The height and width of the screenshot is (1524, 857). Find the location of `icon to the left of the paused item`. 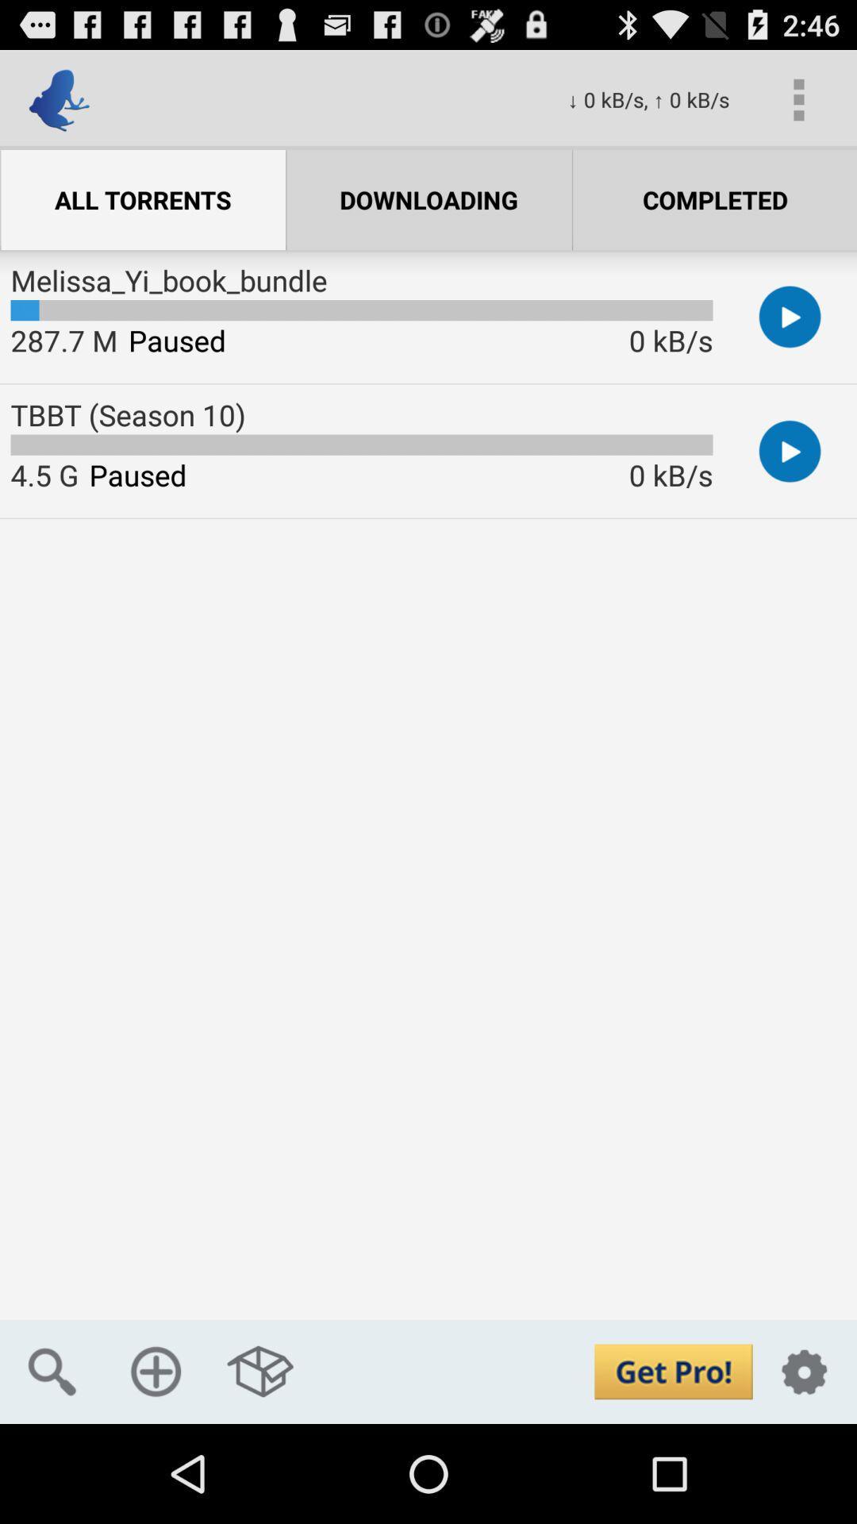

icon to the left of the paused item is located at coordinates (63, 339).